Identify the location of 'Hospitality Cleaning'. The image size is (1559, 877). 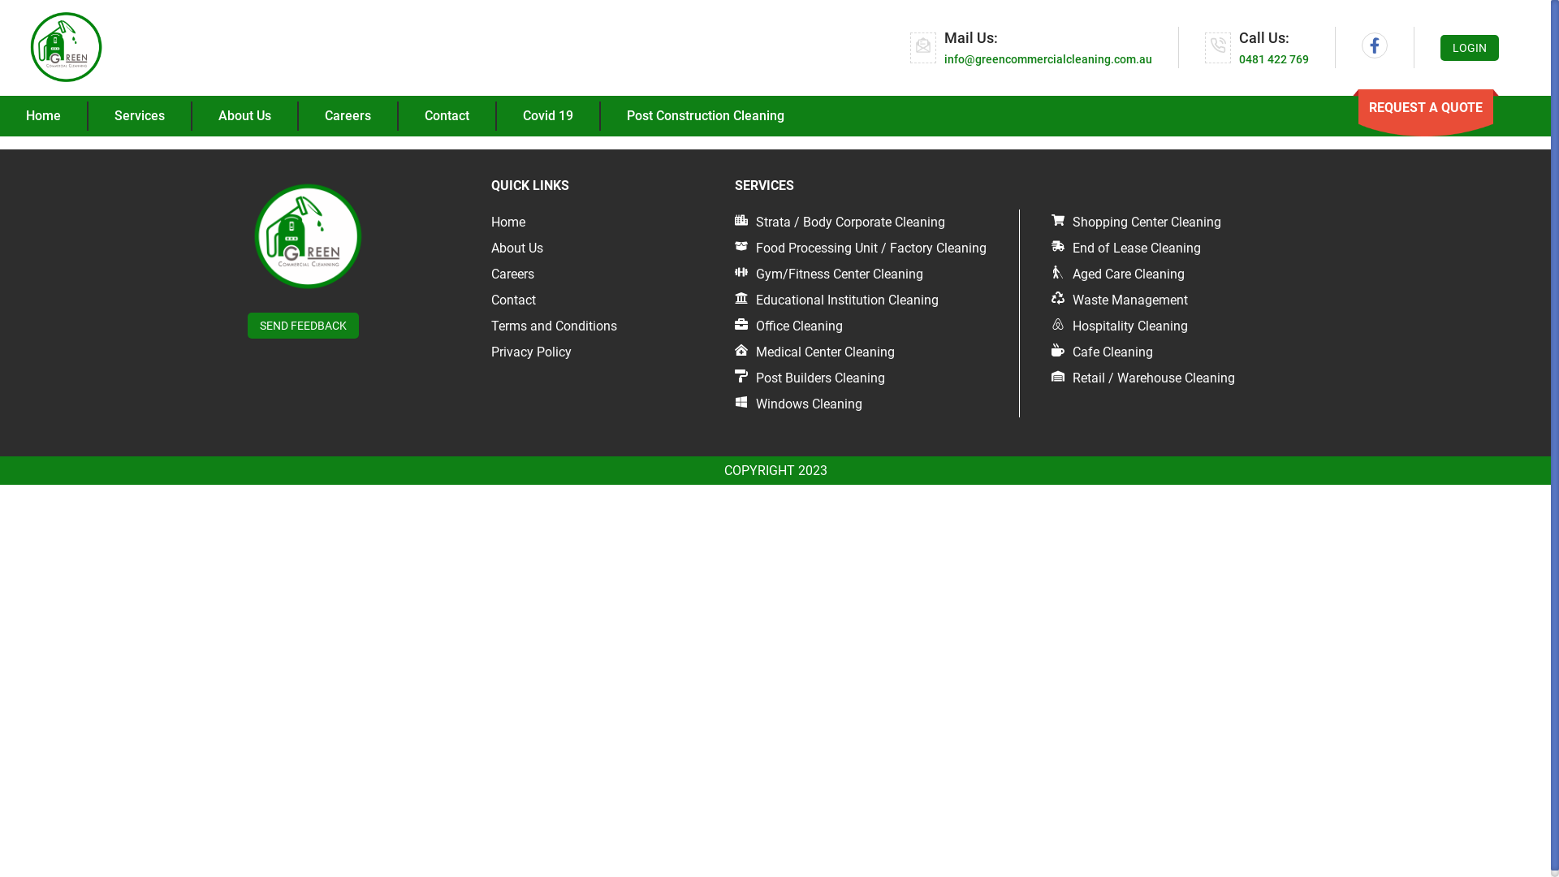
(1118, 326).